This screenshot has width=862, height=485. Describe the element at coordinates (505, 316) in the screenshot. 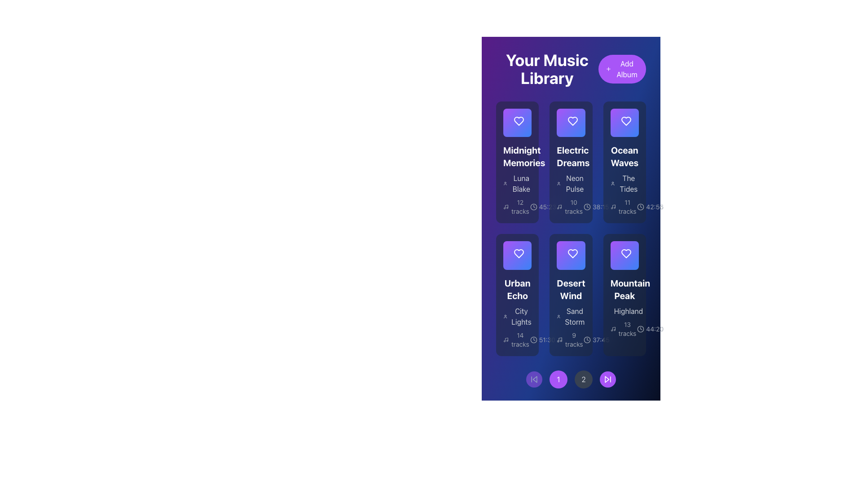

I see `the User Profile icon located to the left of the 'City Lights' text in the 'Urban Echo' album section` at that location.